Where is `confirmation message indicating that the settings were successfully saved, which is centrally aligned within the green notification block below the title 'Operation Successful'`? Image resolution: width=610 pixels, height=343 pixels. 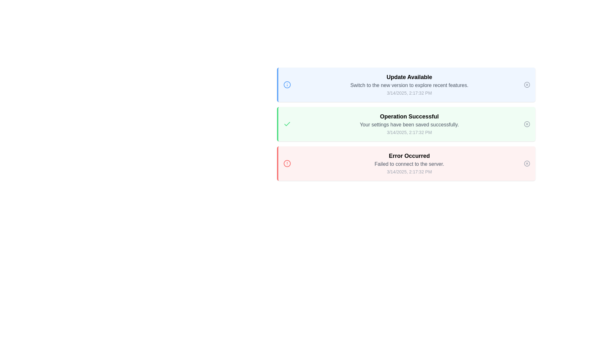 confirmation message indicating that the settings were successfully saved, which is centrally aligned within the green notification block below the title 'Operation Successful' is located at coordinates (409, 125).